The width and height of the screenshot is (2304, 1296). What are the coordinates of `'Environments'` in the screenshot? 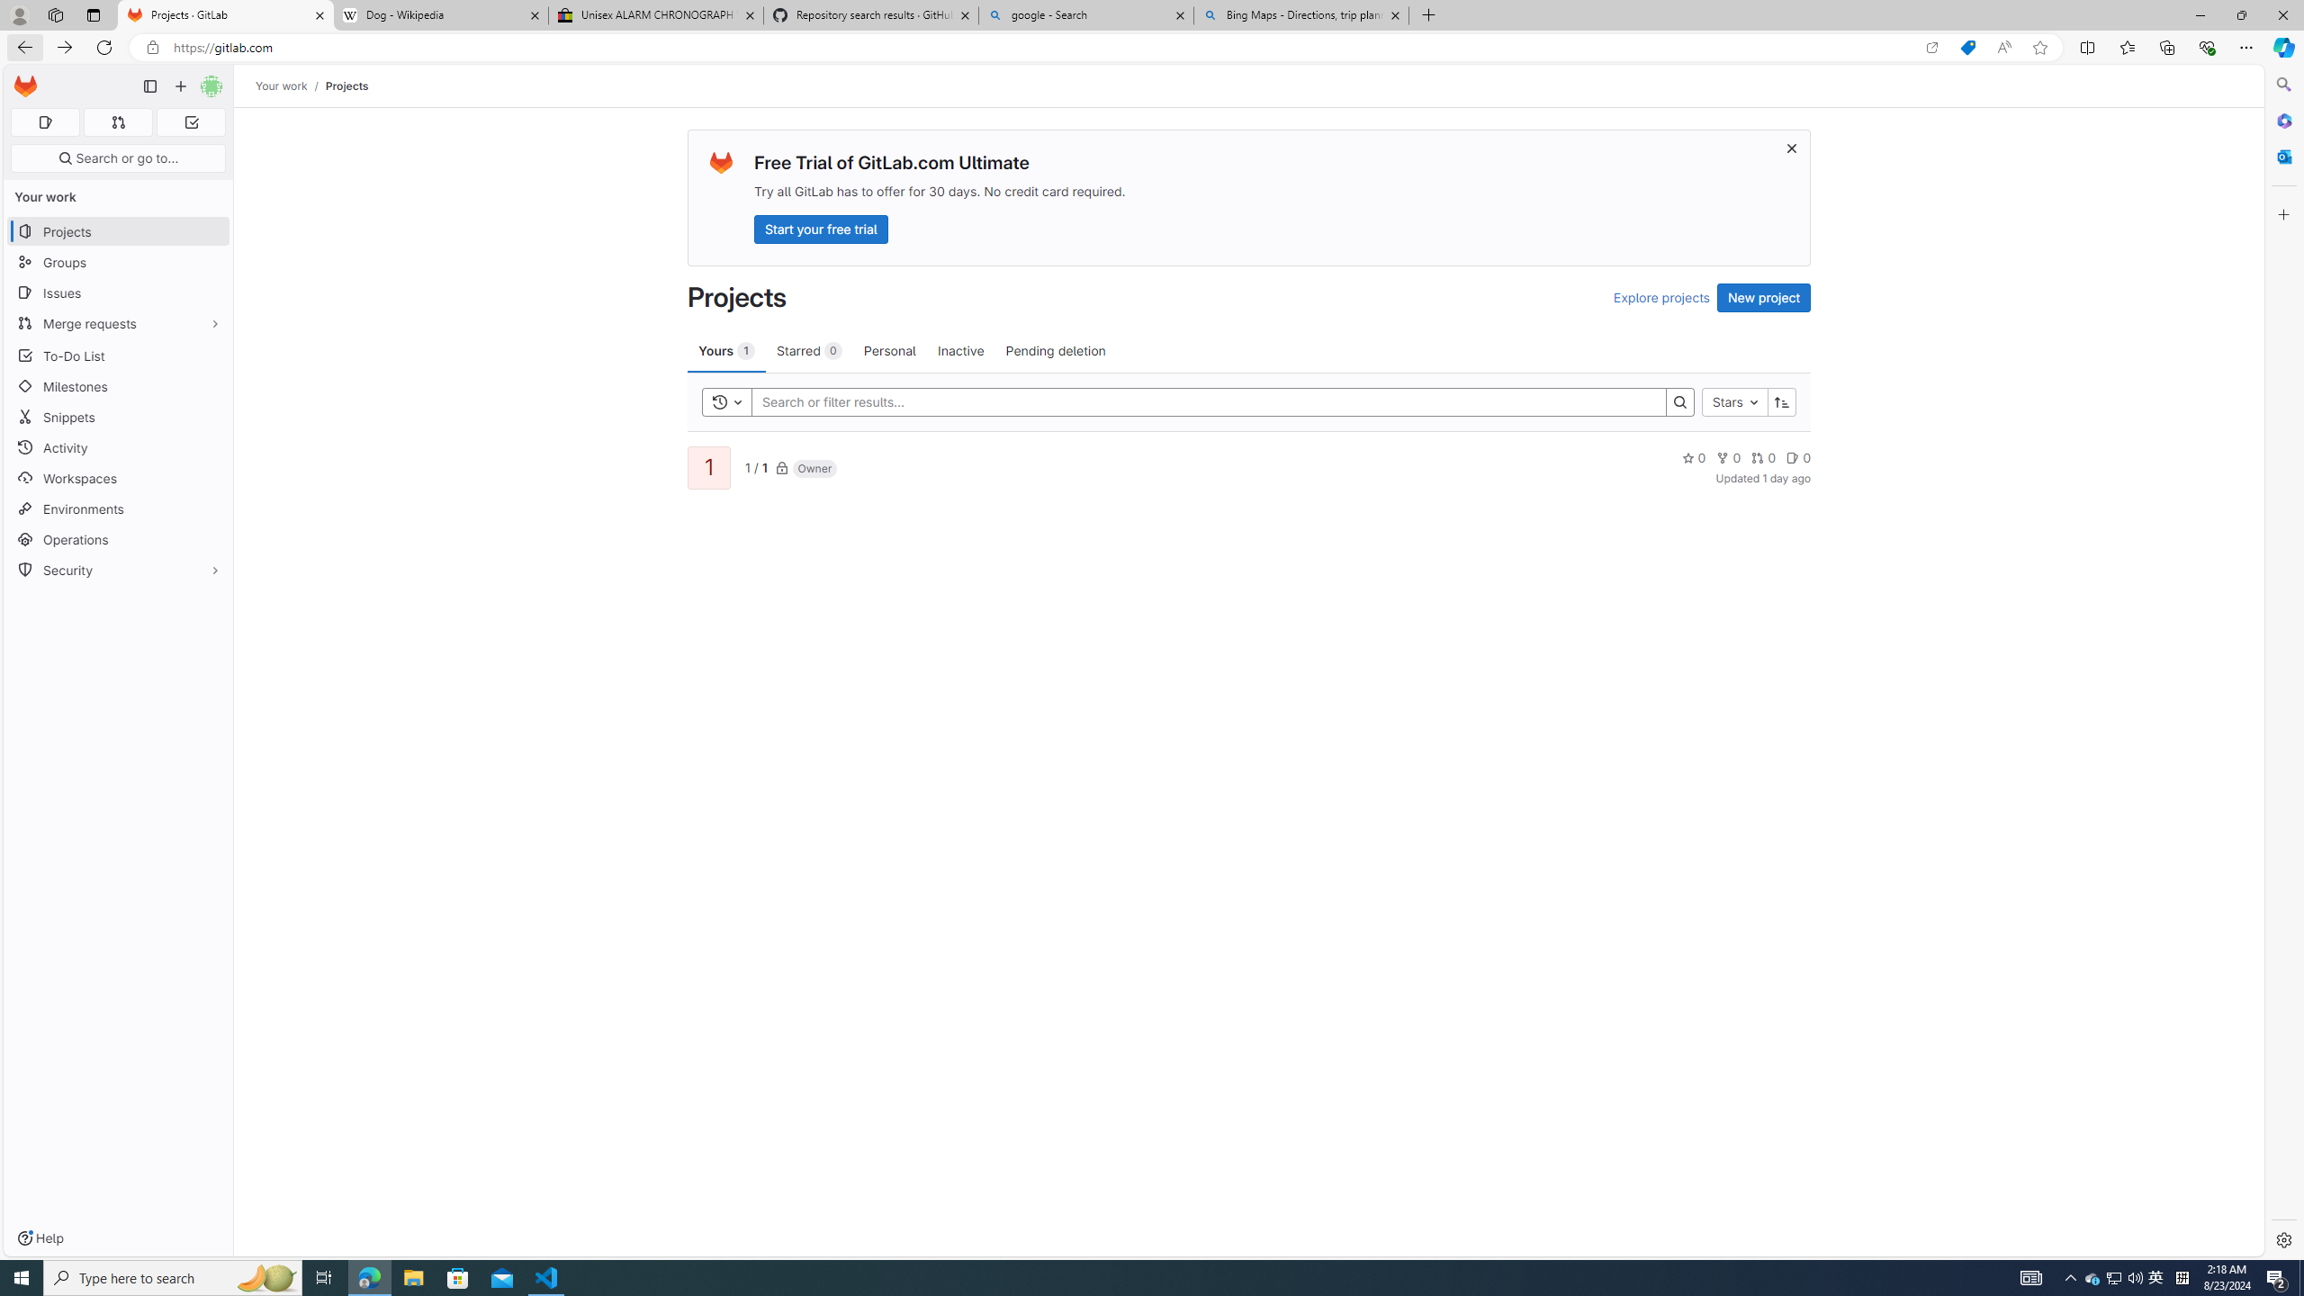 It's located at (117, 508).